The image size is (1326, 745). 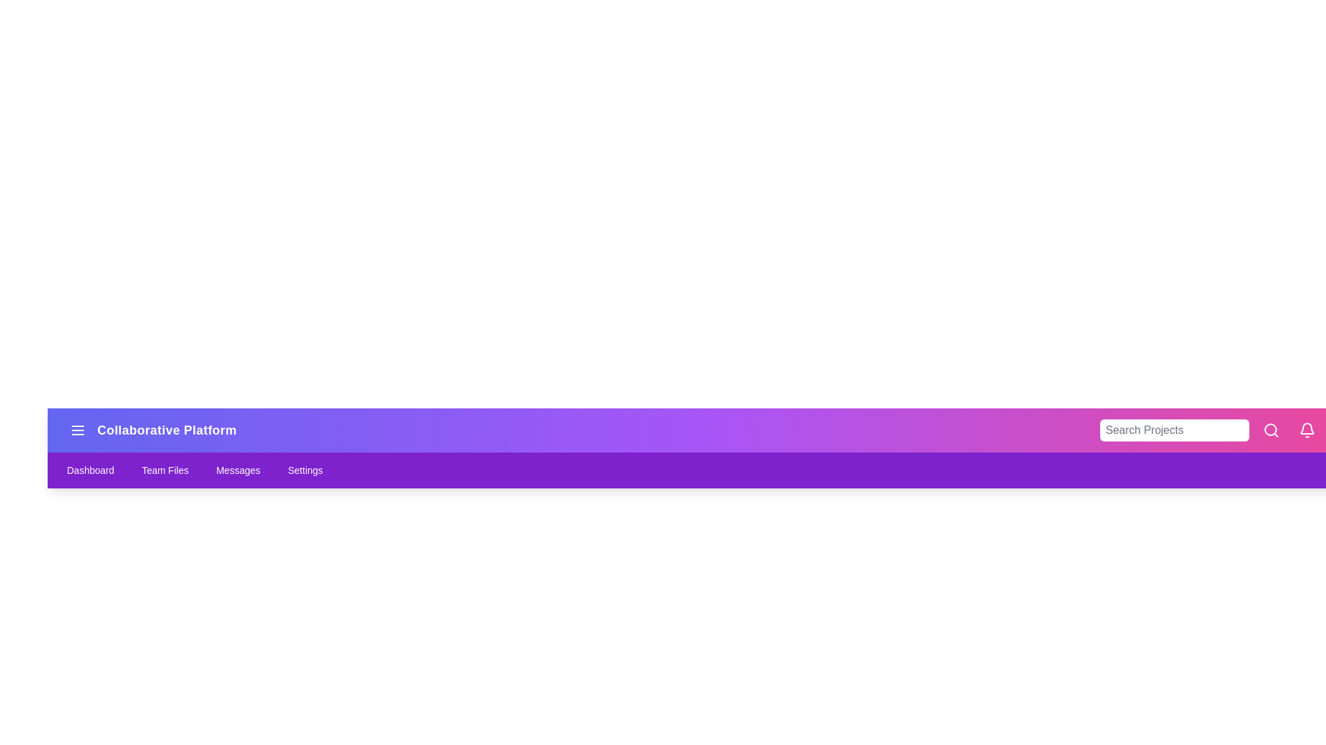 I want to click on the magnifying glass icon button located at the top-right section of the header bar, so click(x=1271, y=430).